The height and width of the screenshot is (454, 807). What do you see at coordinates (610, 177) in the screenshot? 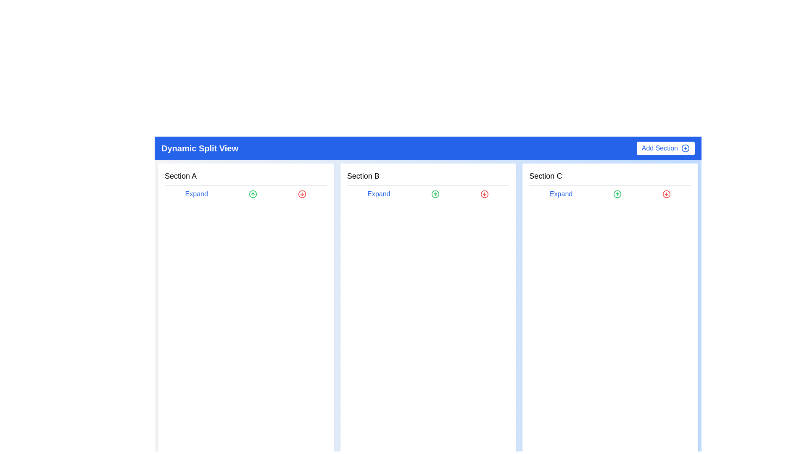
I see `the text label reading 'Section C'` at bounding box center [610, 177].